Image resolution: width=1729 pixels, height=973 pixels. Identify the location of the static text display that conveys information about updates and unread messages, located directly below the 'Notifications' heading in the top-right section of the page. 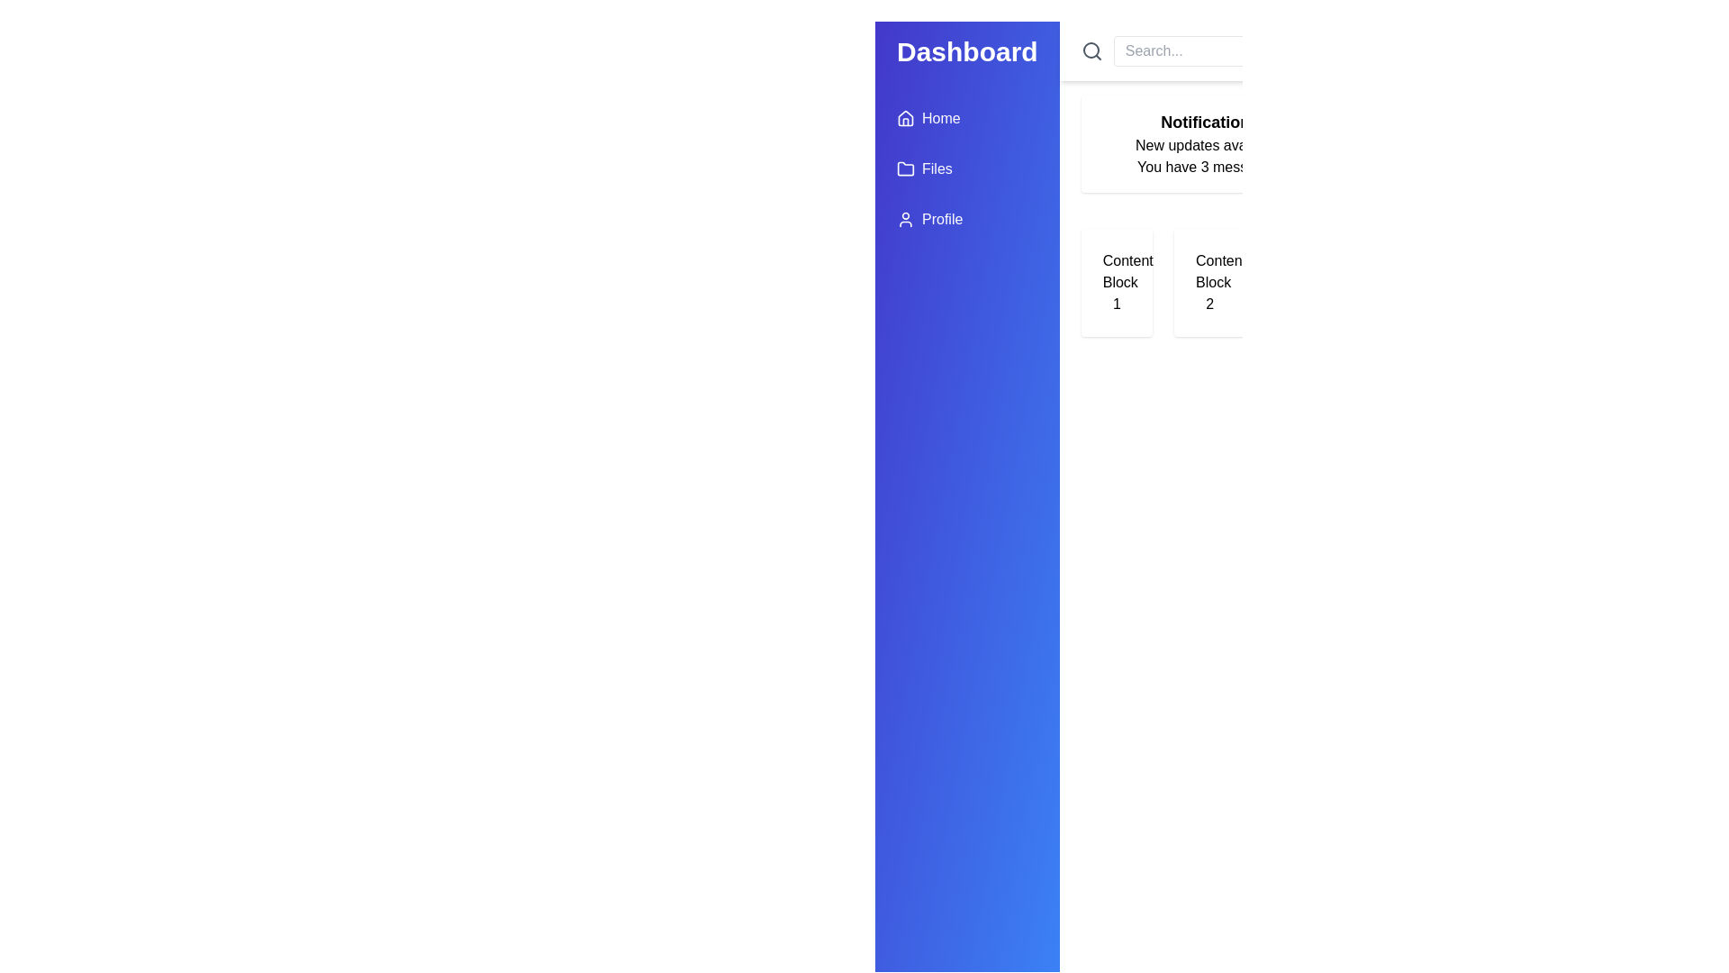
(1209, 155).